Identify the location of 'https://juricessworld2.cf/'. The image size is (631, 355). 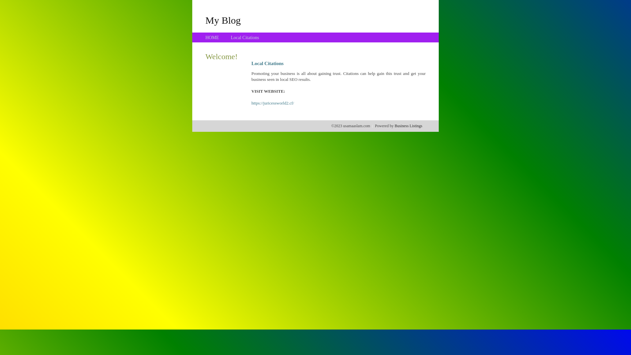
(273, 103).